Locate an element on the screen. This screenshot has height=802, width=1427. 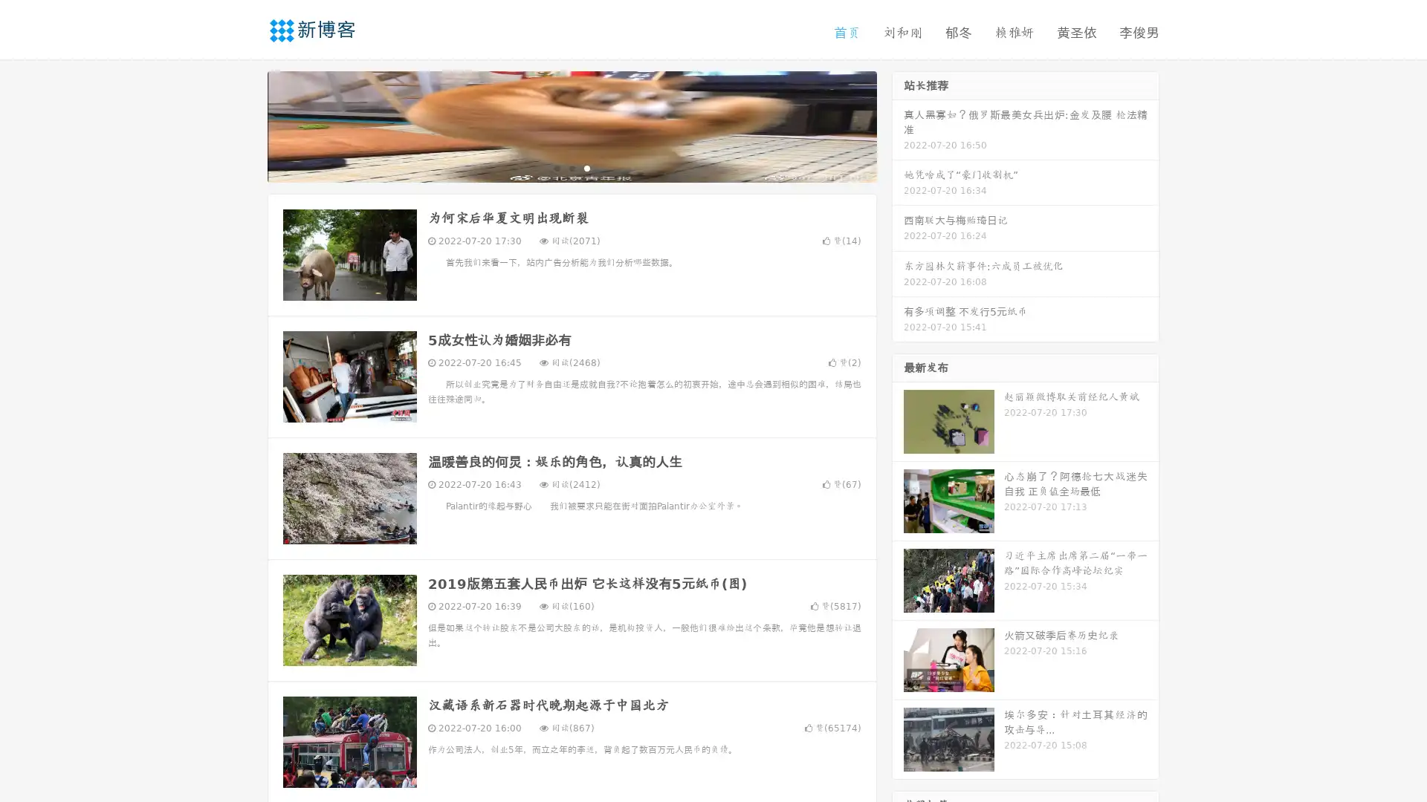
Go to slide 3 is located at coordinates (586, 167).